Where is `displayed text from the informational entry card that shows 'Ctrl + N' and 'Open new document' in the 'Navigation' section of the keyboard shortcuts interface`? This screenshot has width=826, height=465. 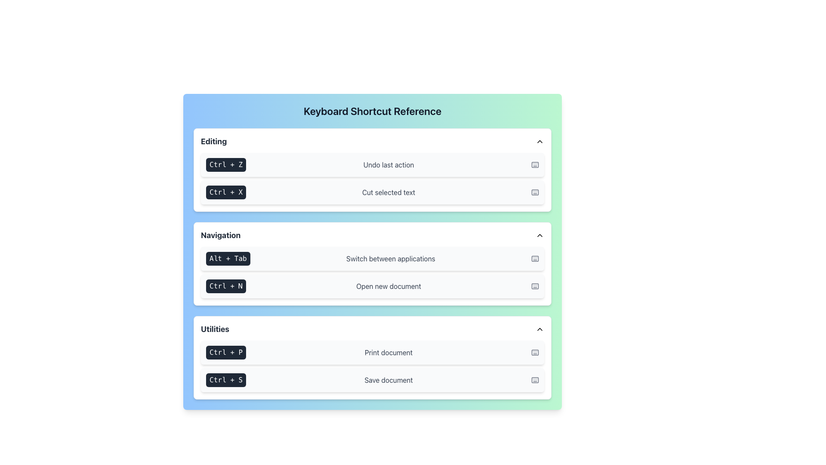 displayed text from the informational entry card that shows 'Ctrl + N' and 'Open new document' in the 'Navigation' section of the keyboard shortcuts interface is located at coordinates (372, 286).